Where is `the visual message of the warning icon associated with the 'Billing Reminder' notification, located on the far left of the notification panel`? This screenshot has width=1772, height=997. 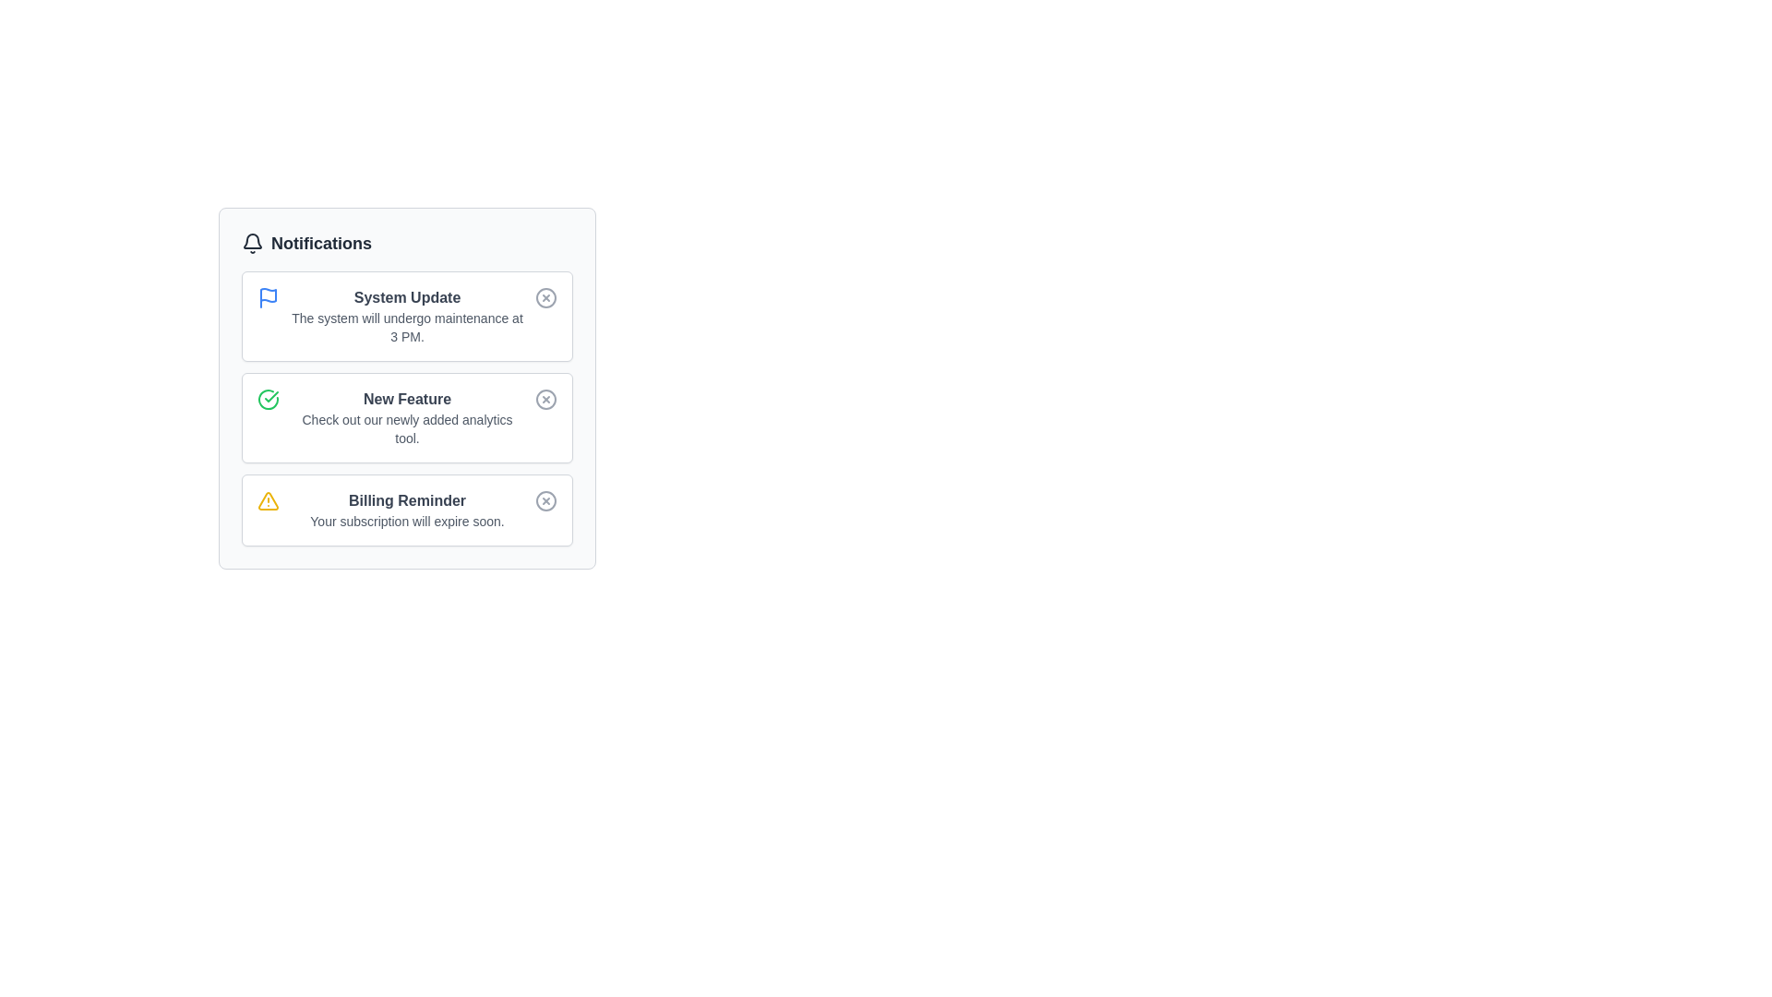
the visual message of the warning icon associated with the 'Billing Reminder' notification, located on the far left of the notification panel is located at coordinates (268, 501).